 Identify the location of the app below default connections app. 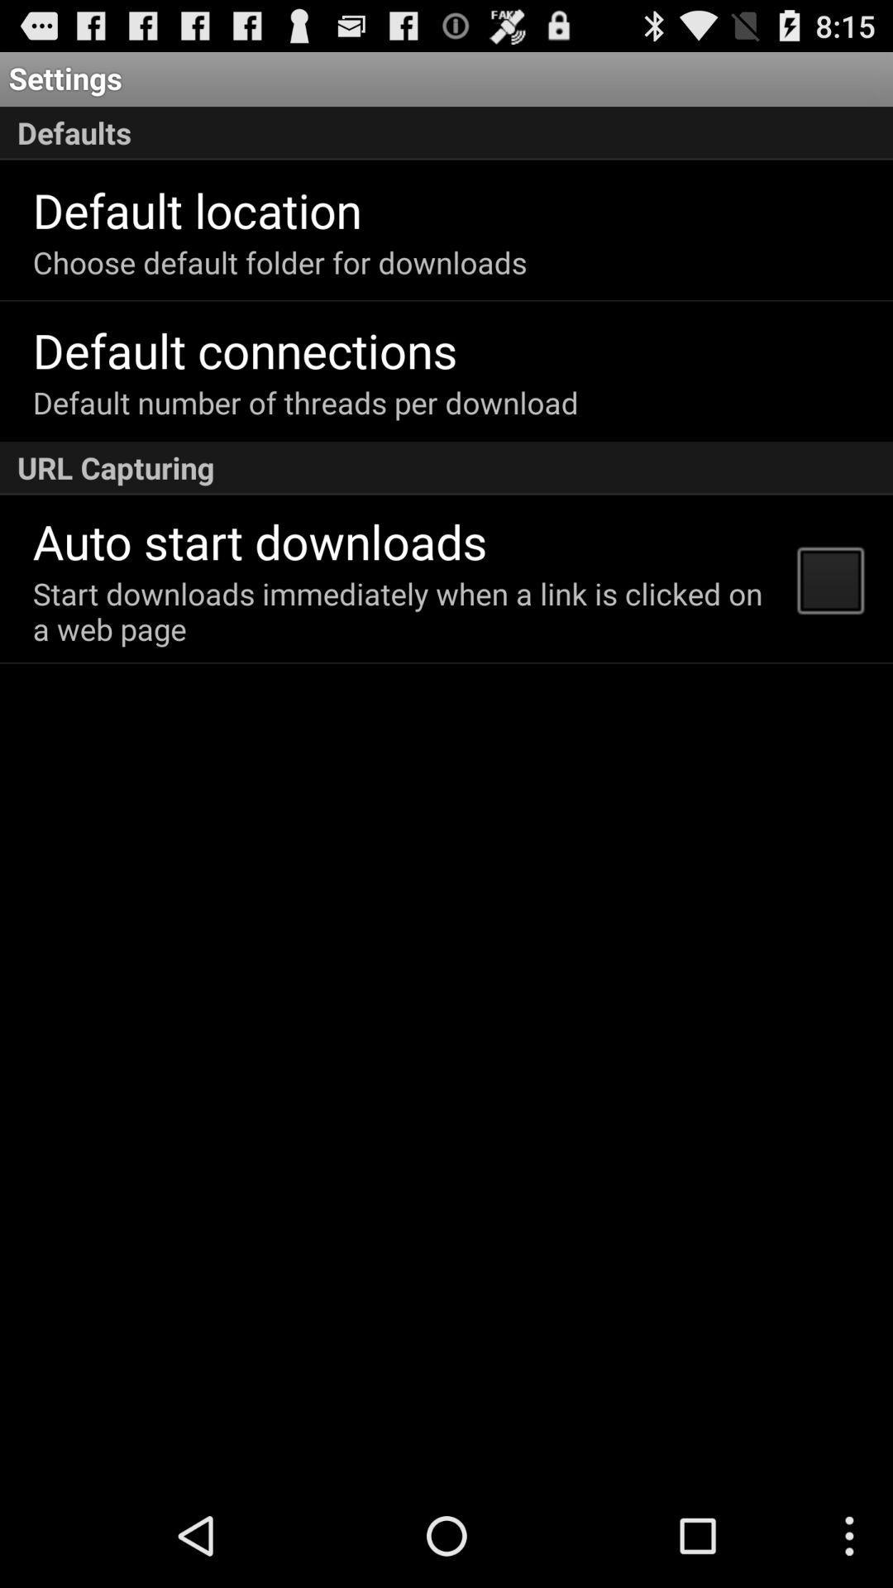
(305, 402).